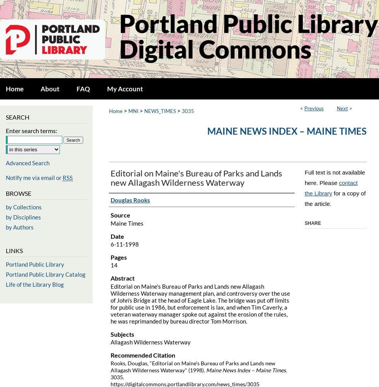 The width and height of the screenshot is (379, 387). What do you see at coordinates (19, 227) in the screenshot?
I see `'by Authors'` at bounding box center [19, 227].